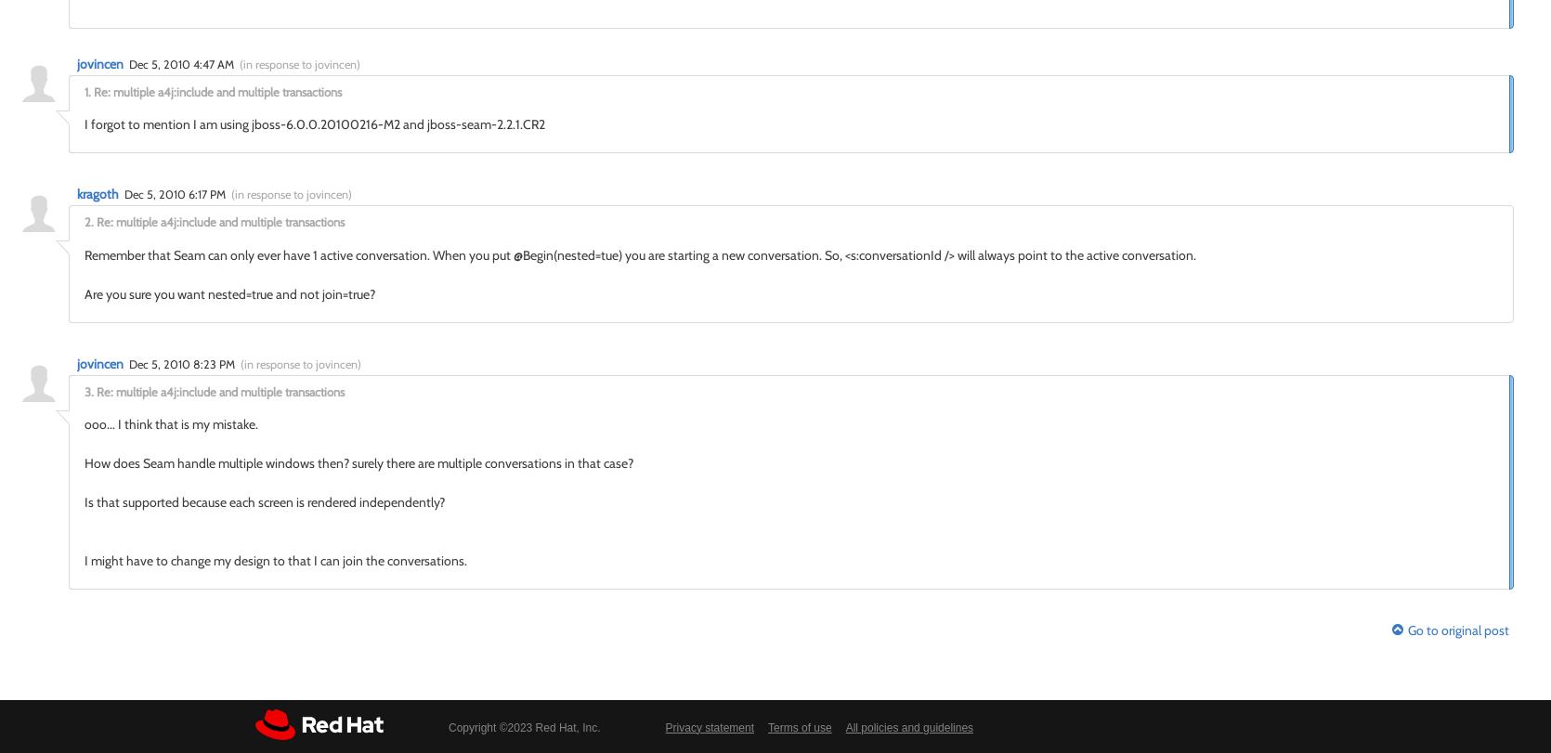 The width and height of the screenshot is (1551, 753). I want to click on 'All policies and guidelines', so click(844, 726).